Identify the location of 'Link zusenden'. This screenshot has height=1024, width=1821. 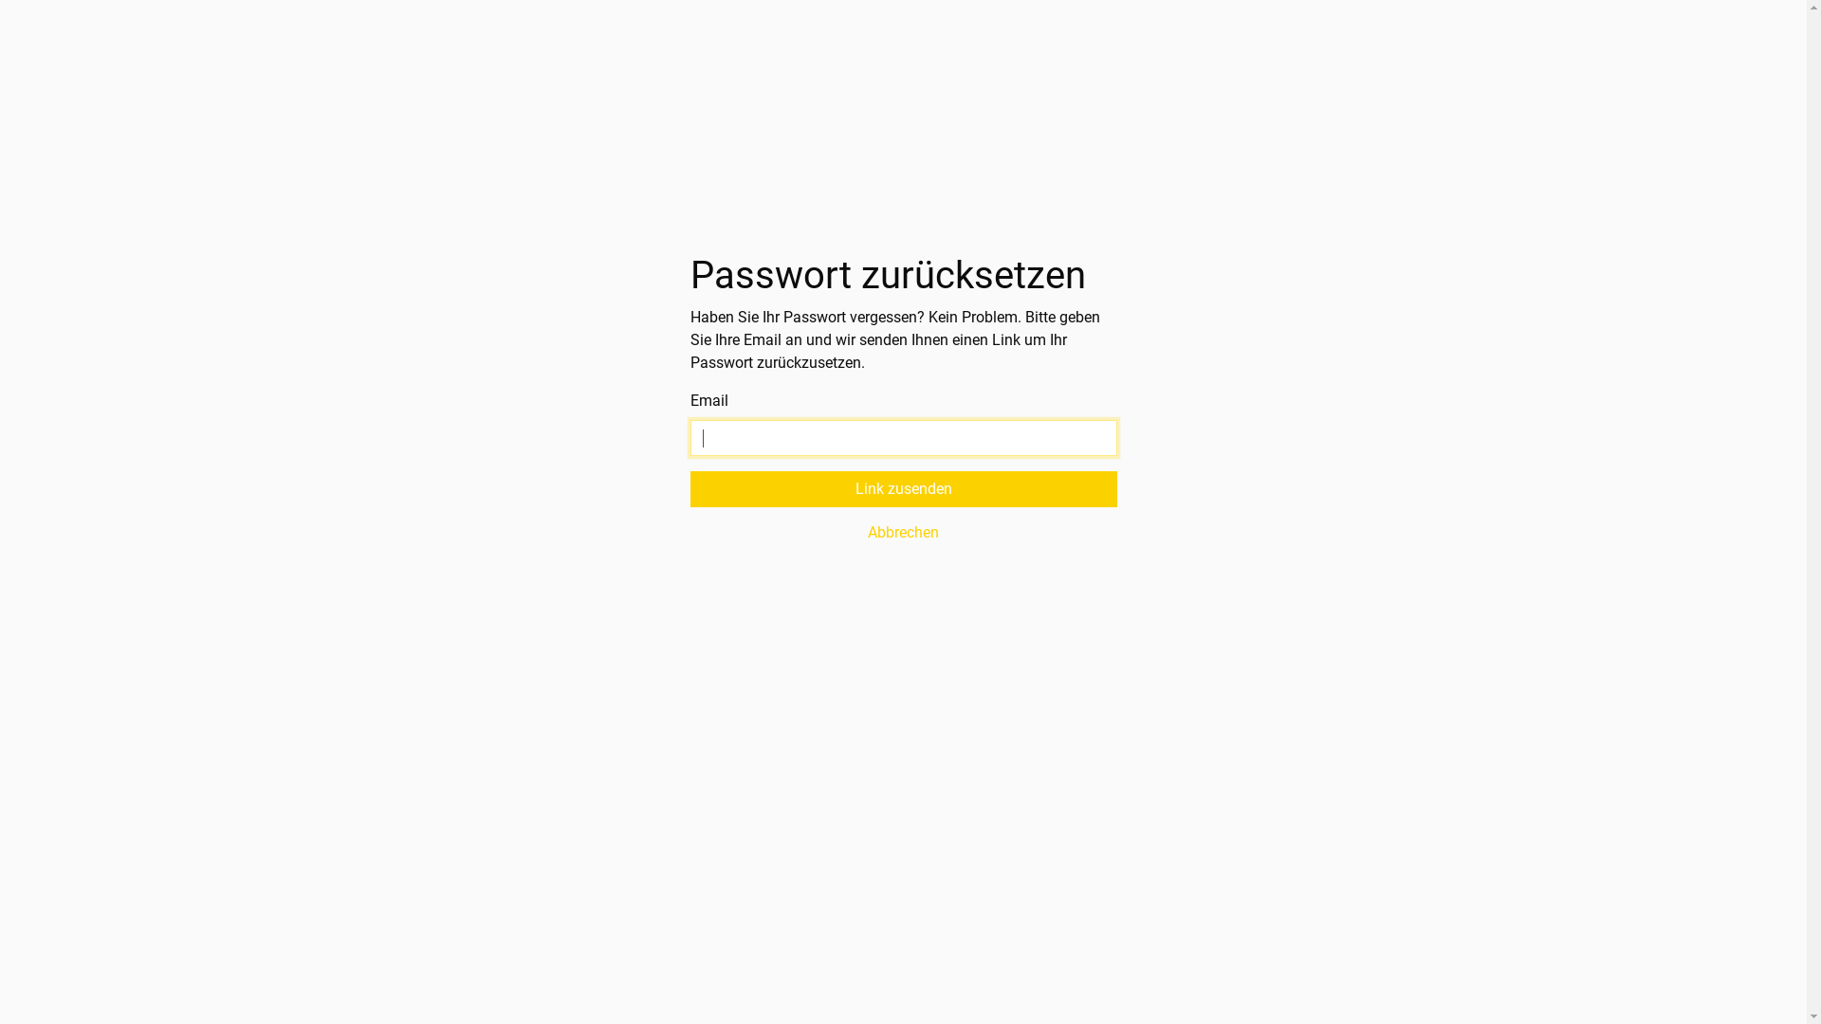
(903, 488).